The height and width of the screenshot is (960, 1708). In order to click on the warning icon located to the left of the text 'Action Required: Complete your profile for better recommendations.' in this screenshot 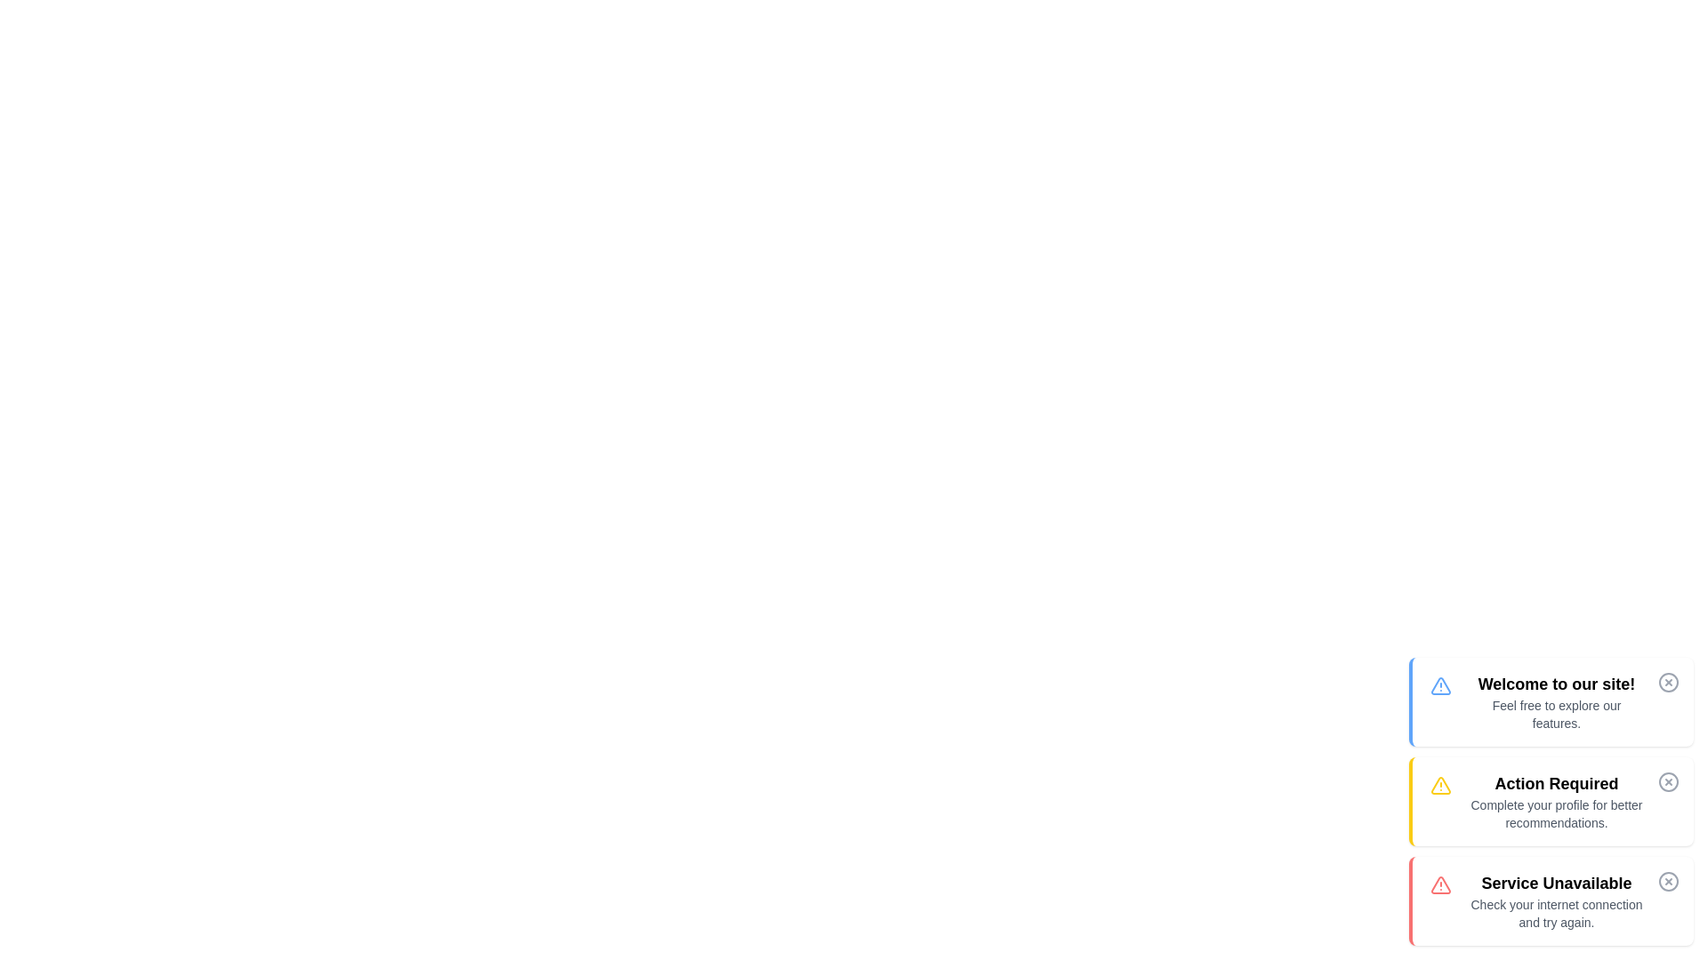, I will do `click(1441, 784)`.